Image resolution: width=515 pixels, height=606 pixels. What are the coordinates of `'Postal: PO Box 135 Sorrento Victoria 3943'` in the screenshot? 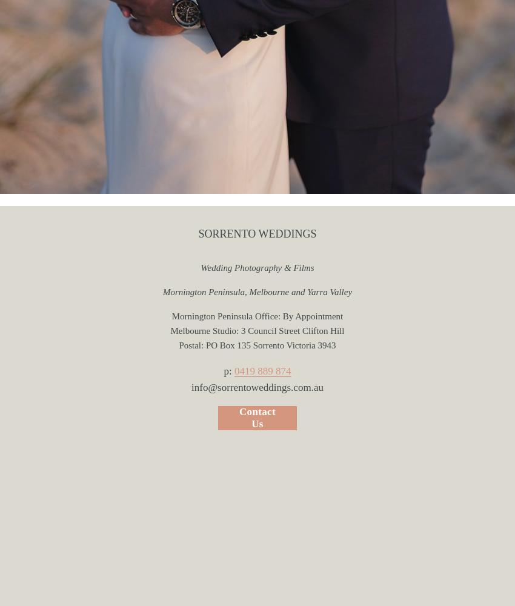 It's located at (178, 344).